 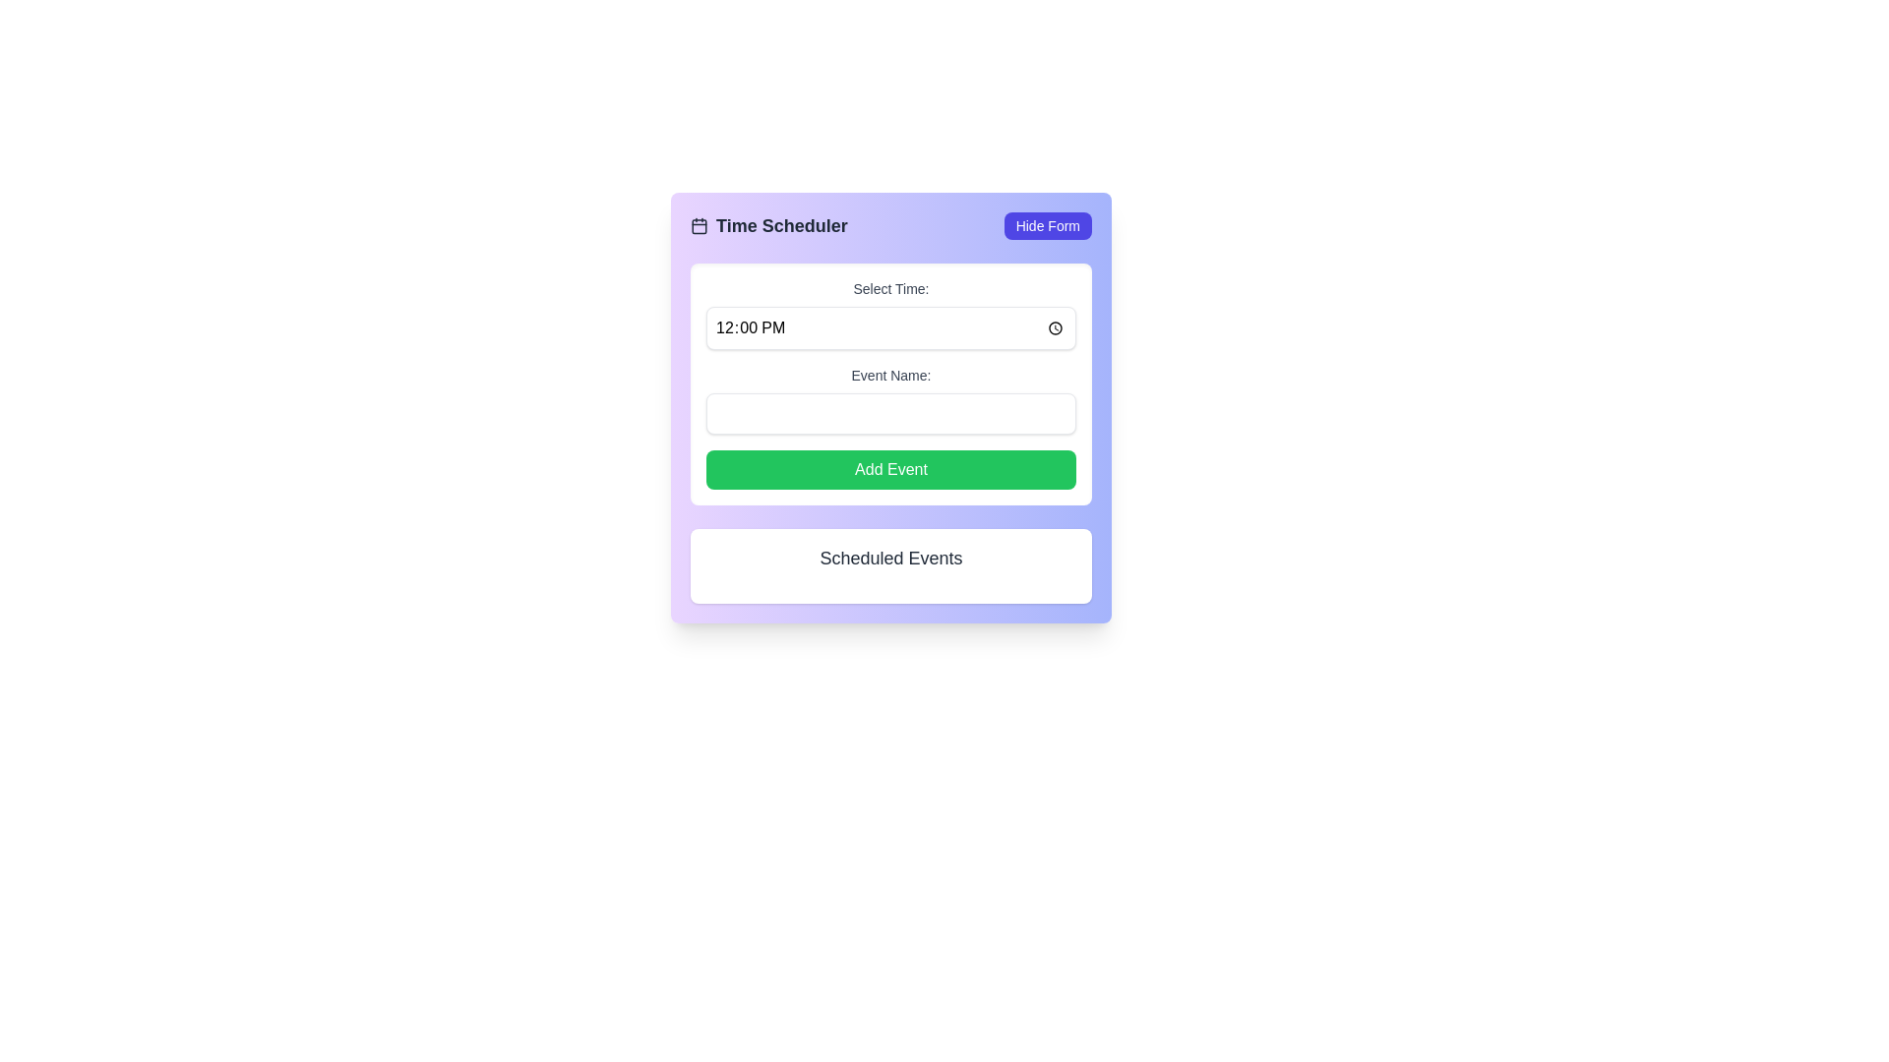 I want to click on the Text Display Box displaying 'Scheduled Events', which is located at the bottom of the 'Time Scheduler' section, below the 'Add Event' button, so click(x=890, y=565).